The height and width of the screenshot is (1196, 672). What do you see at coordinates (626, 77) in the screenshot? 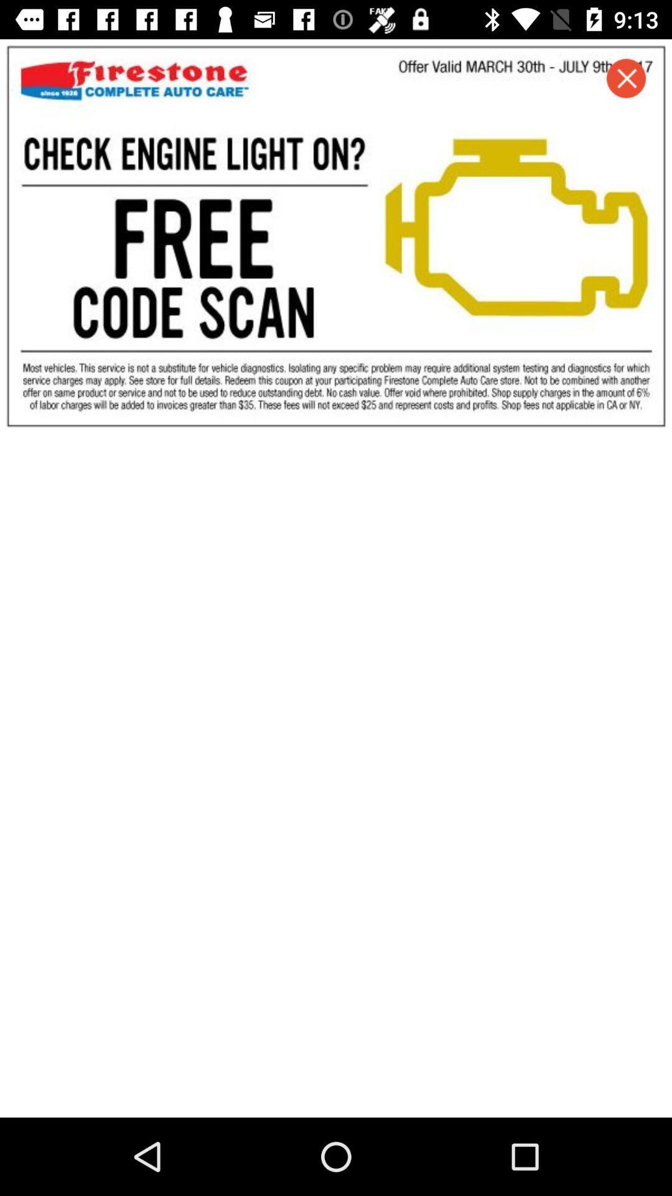
I see `the close icon` at bounding box center [626, 77].